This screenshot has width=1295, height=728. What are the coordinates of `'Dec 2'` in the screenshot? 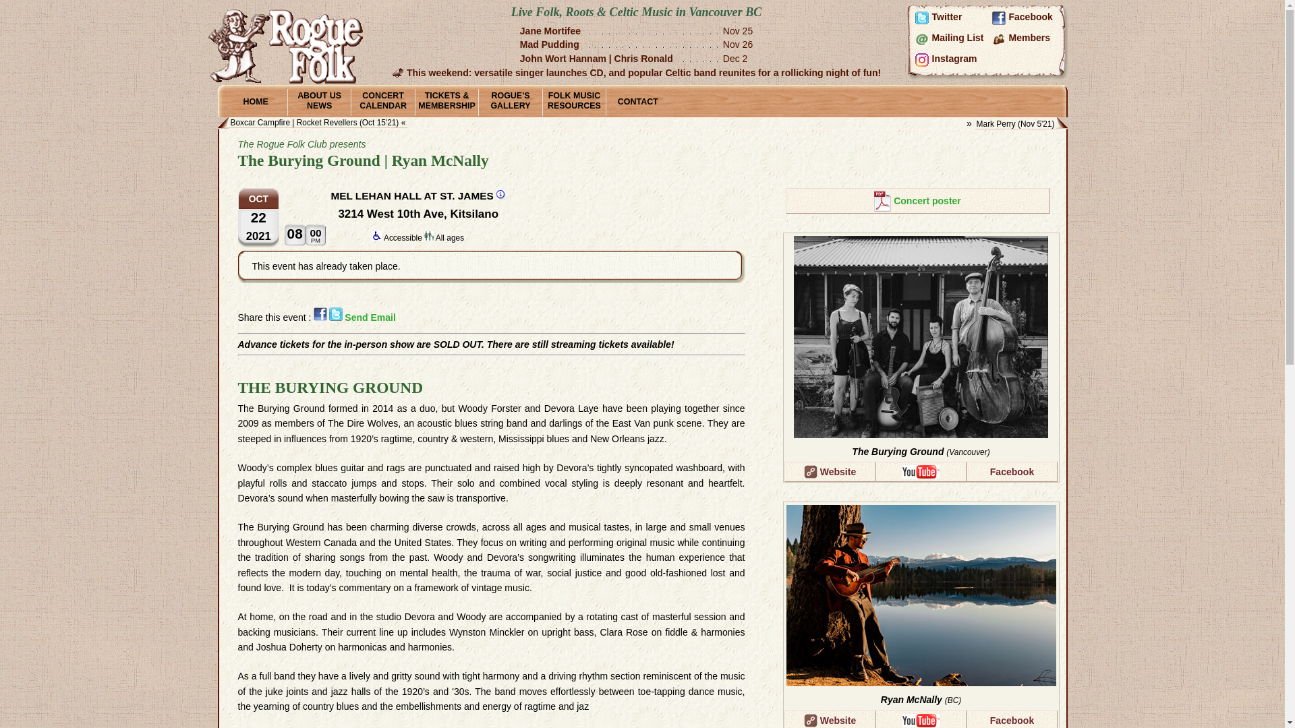 It's located at (735, 58).